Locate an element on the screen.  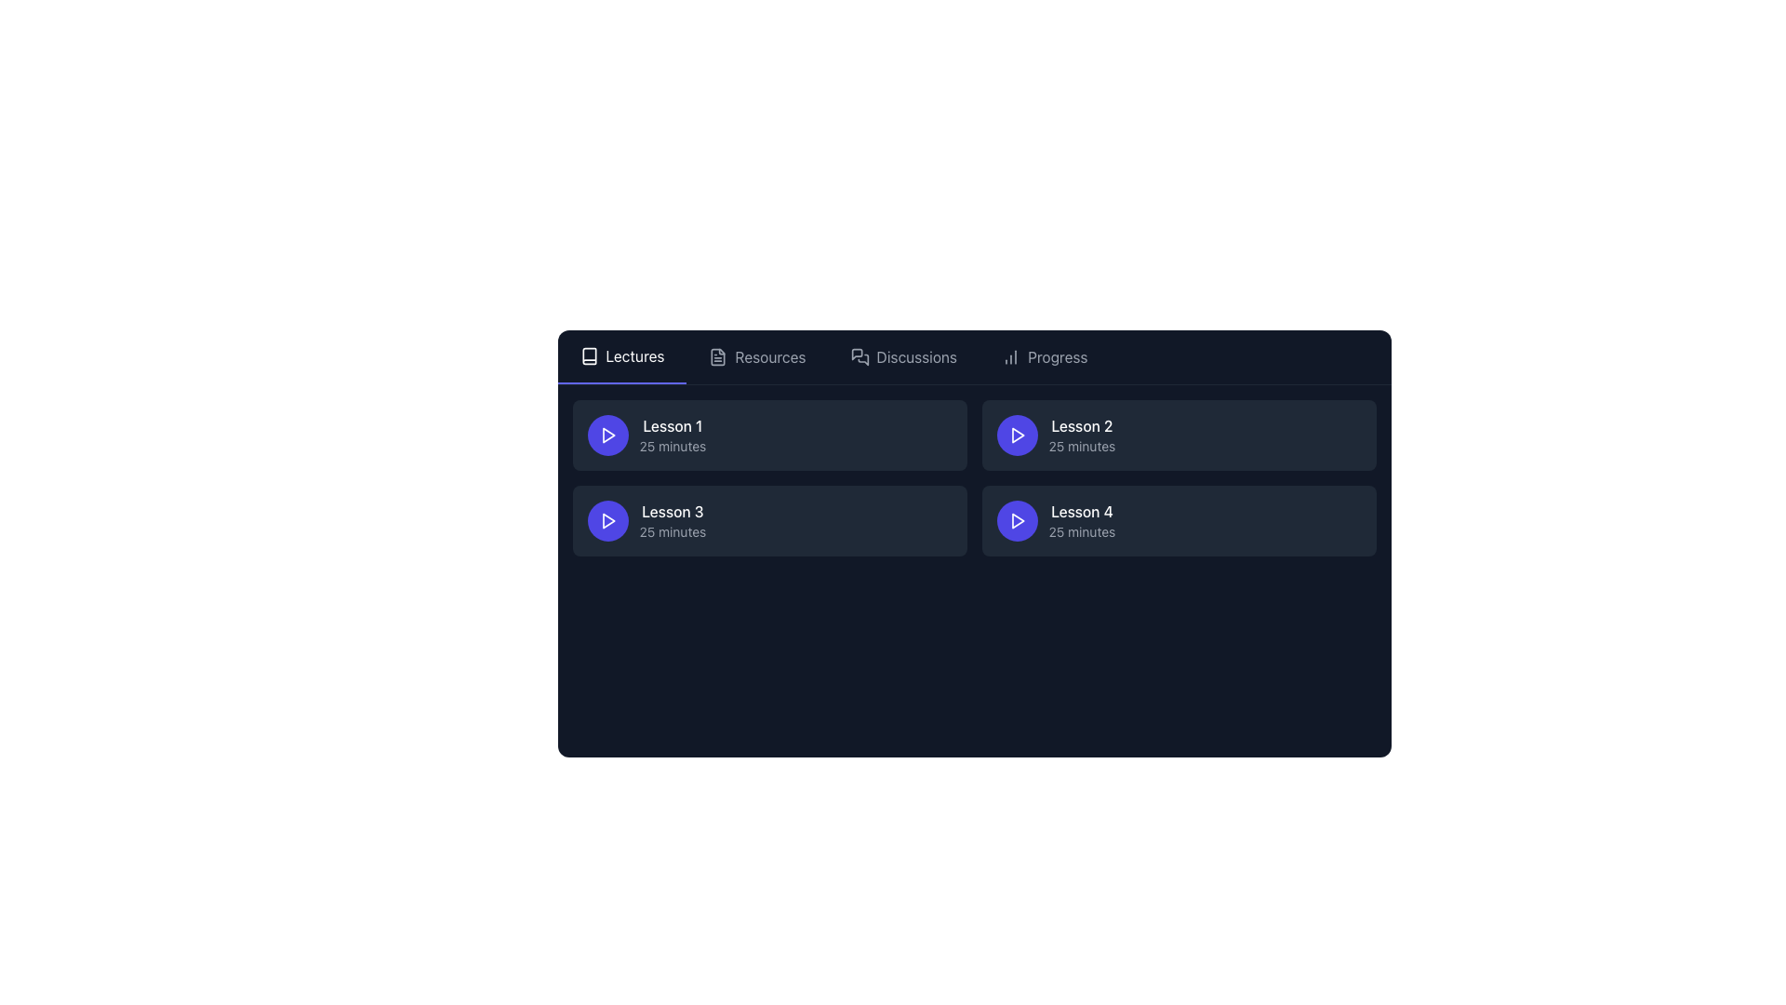
the play button icon, which is a triangular shape inside the circular blue badge of the third lesson card in the left column of the content grid is located at coordinates (607, 520).